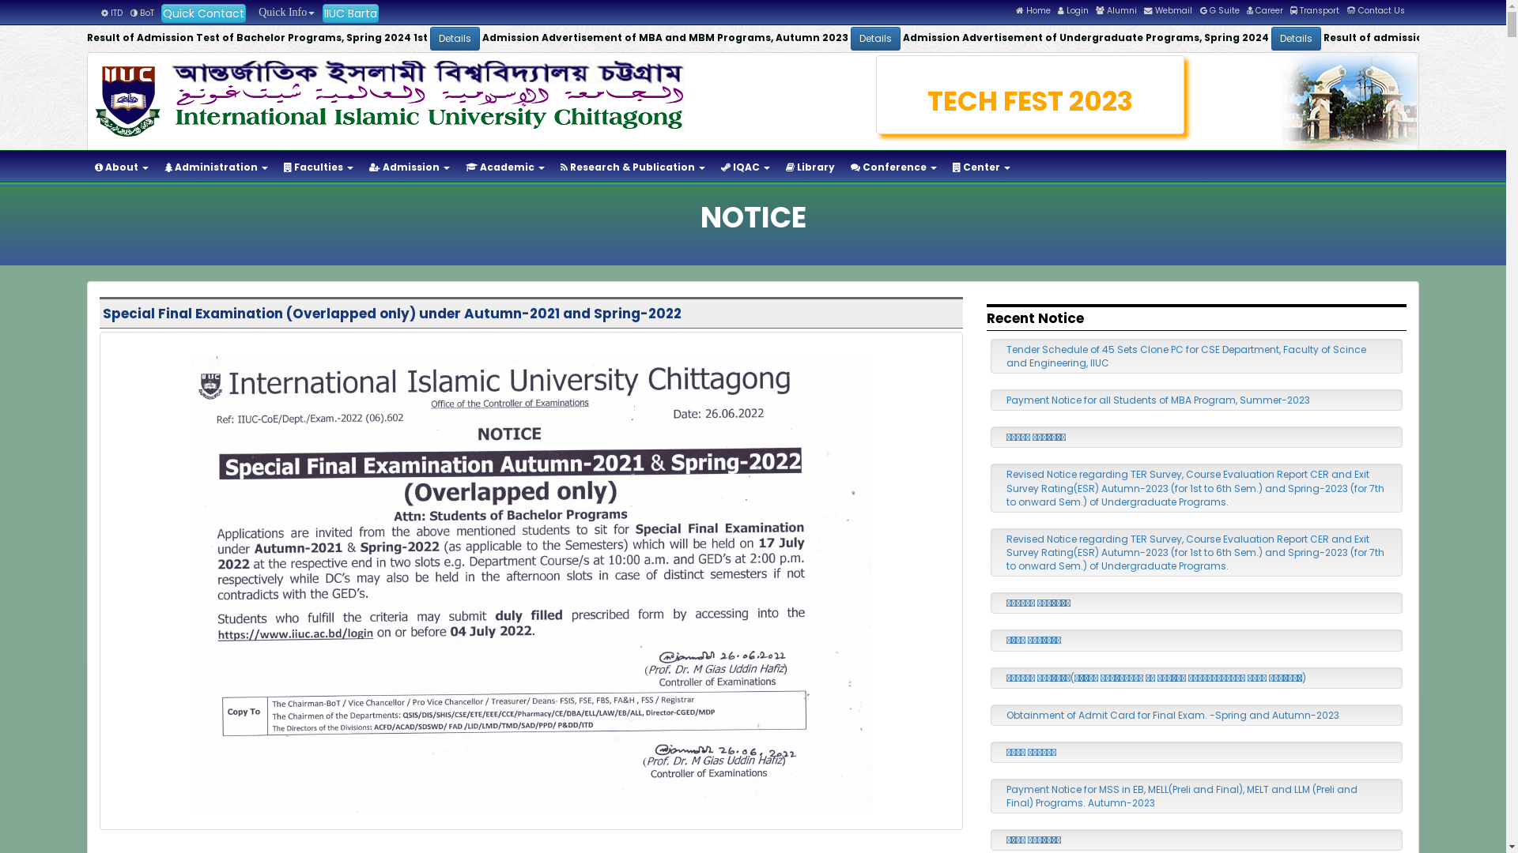 The width and height of the screenshot is (1518, 853). I want to click on 'Login', so click(1058, 10).